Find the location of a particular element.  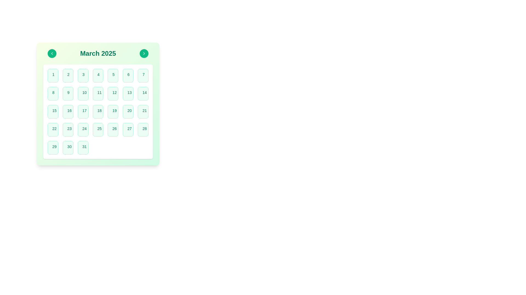

the text label indicating the 19th day of March 2025 in the calendar grid, located in the fourth row and second column is located at coordinates (114, 111).